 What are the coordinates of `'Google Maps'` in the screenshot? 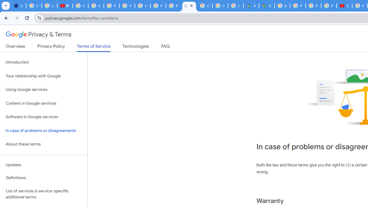 It's located at (267, 6).